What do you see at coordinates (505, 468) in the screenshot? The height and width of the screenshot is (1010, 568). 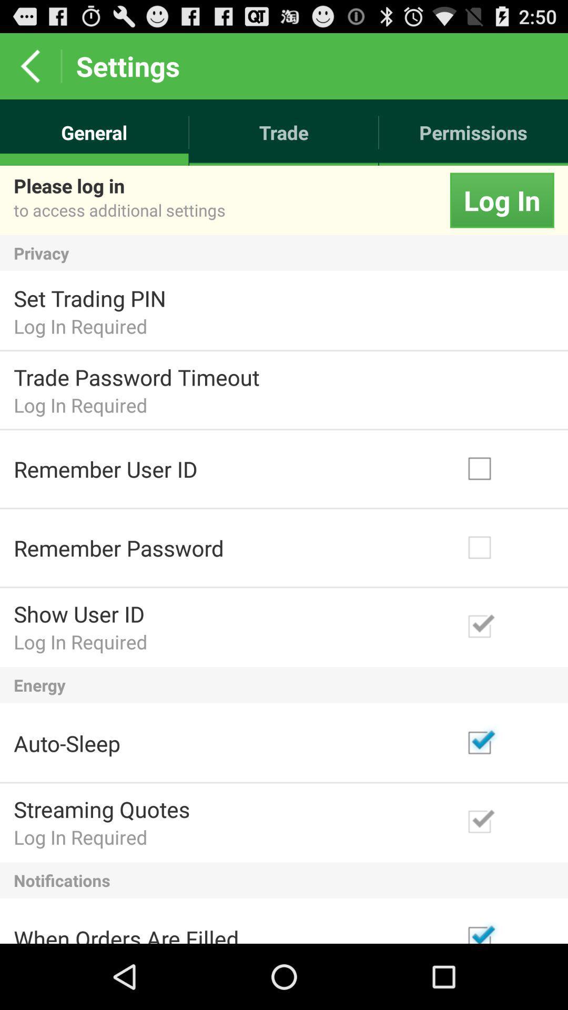 I see `the box which is beside remember user id` at bounding box center [505, 468].